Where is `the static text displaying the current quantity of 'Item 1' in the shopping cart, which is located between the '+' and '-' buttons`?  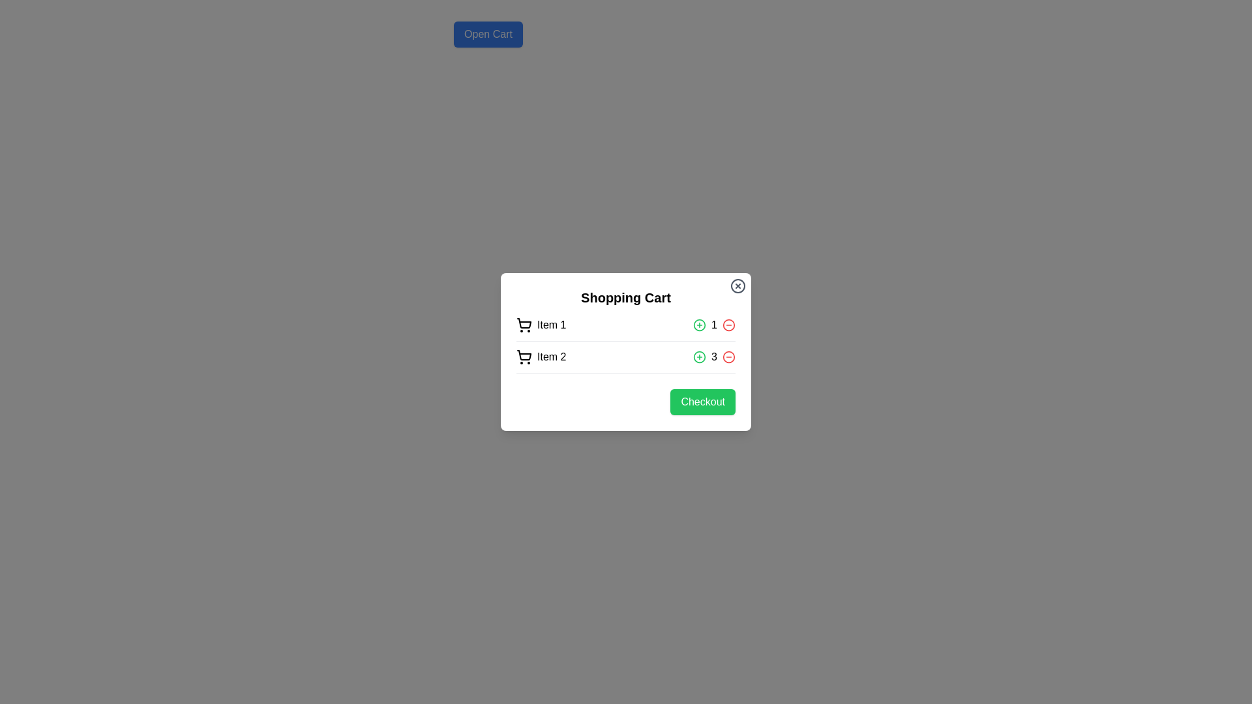 the static text displaying the current quantity of 'Item 1' in the shopping cart, which is located between the '+' and '-' buttons is located at coordinates (713, 324).